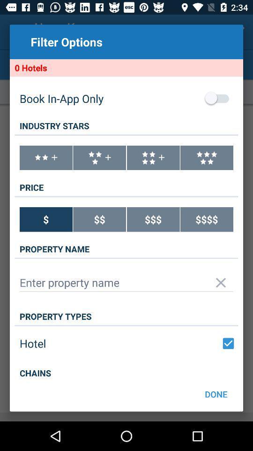  I want to click on property name, so click(126, 282).